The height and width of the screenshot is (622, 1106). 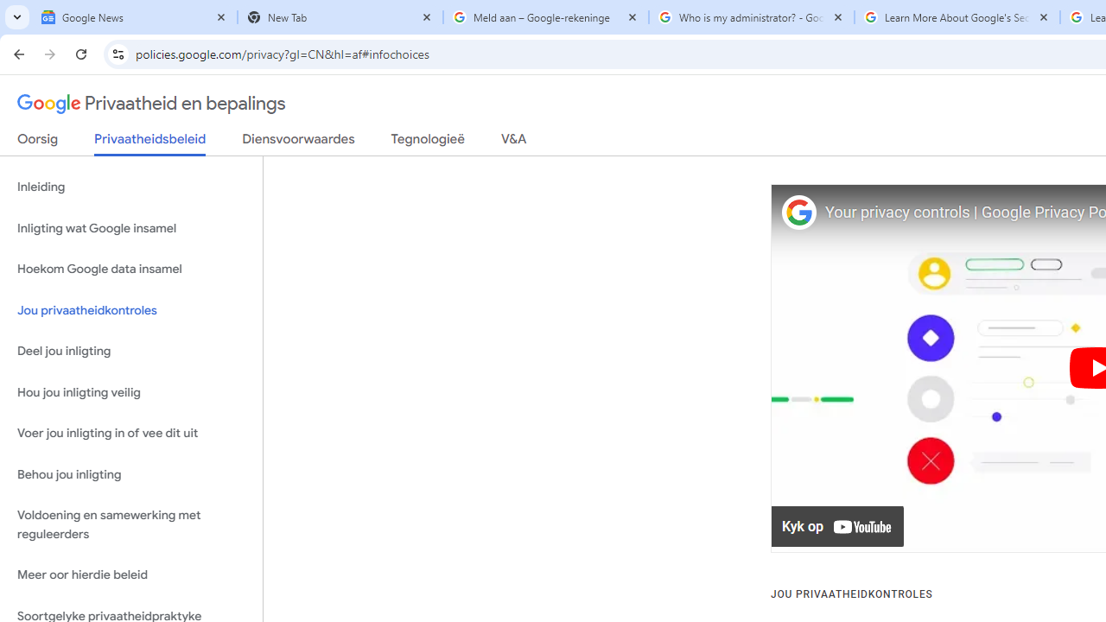 I want to click on 'Fotobeeld van Google', so click(x=798, y=212).